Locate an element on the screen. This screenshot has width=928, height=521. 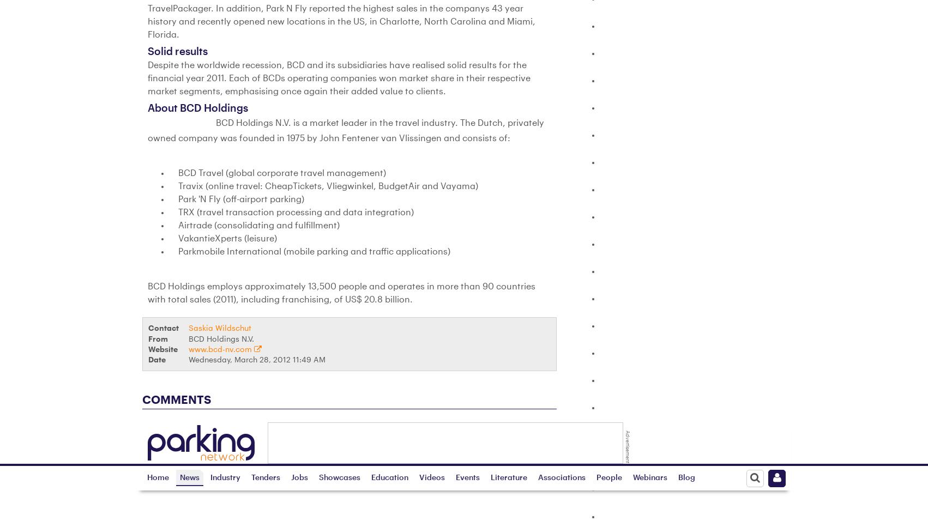
'About Parking Network' is located at coordinates (504, 439).